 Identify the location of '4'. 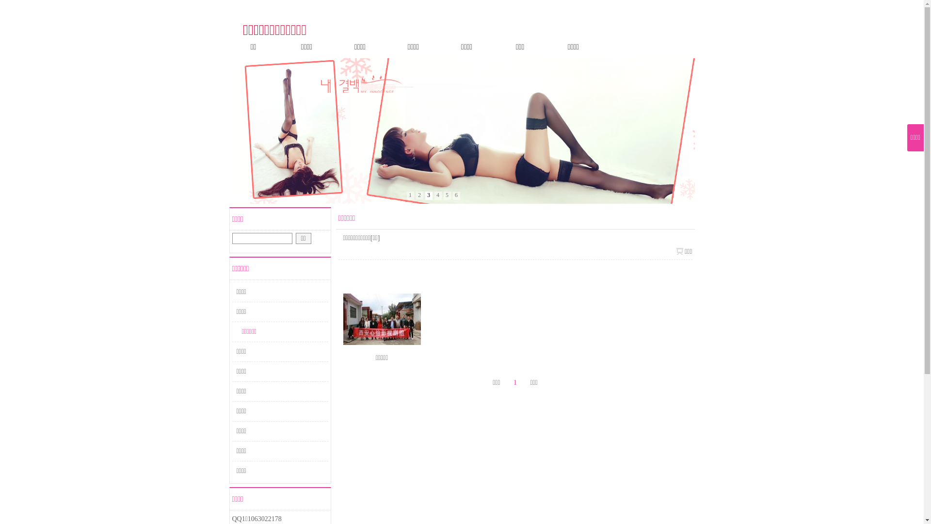
(437, 196).